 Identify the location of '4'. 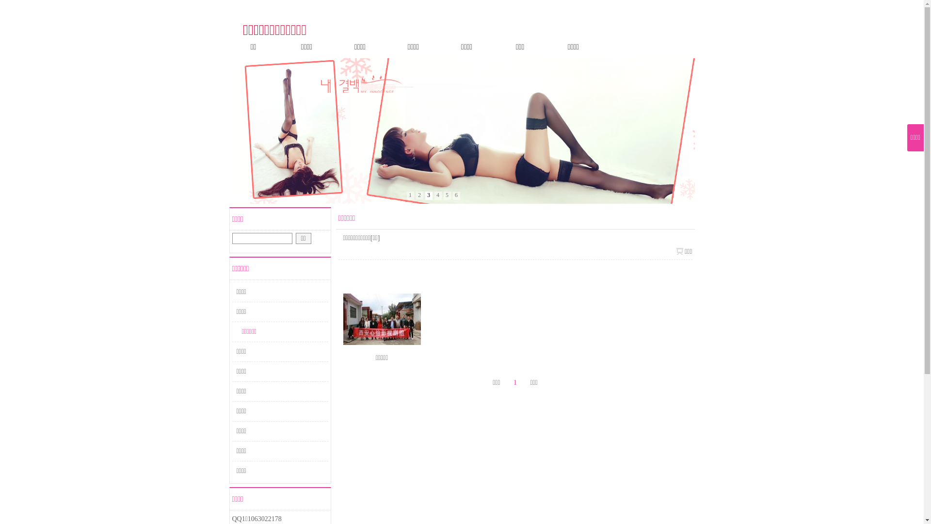
(437, 196).